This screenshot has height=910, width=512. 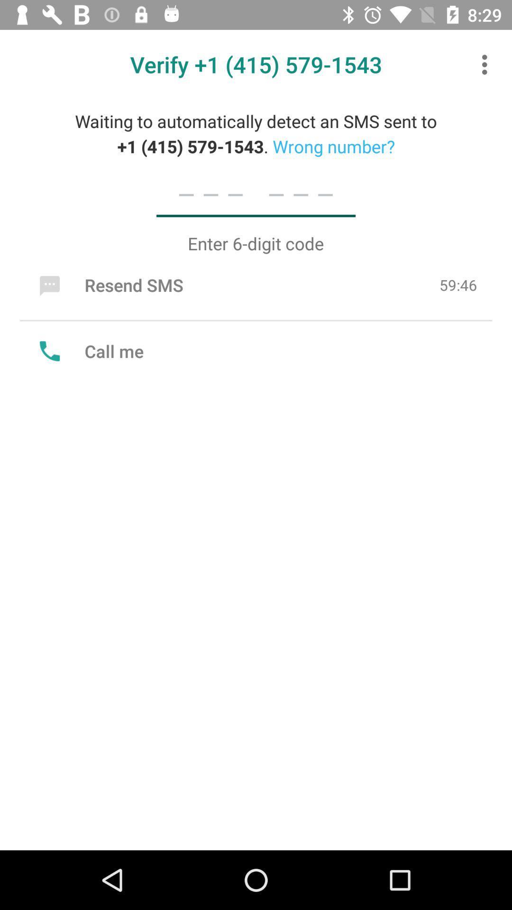 What do you see at coordinates (109, 284) in the screenshot?
I see `the item at the top left corner` at bounding box center [109, 284].